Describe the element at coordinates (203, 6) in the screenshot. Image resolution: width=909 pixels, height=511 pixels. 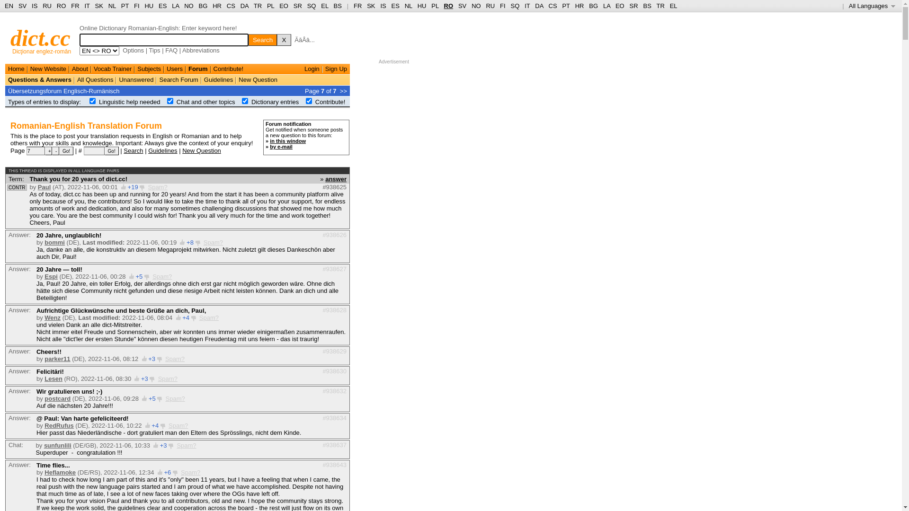
I see `'BG'` at that location.